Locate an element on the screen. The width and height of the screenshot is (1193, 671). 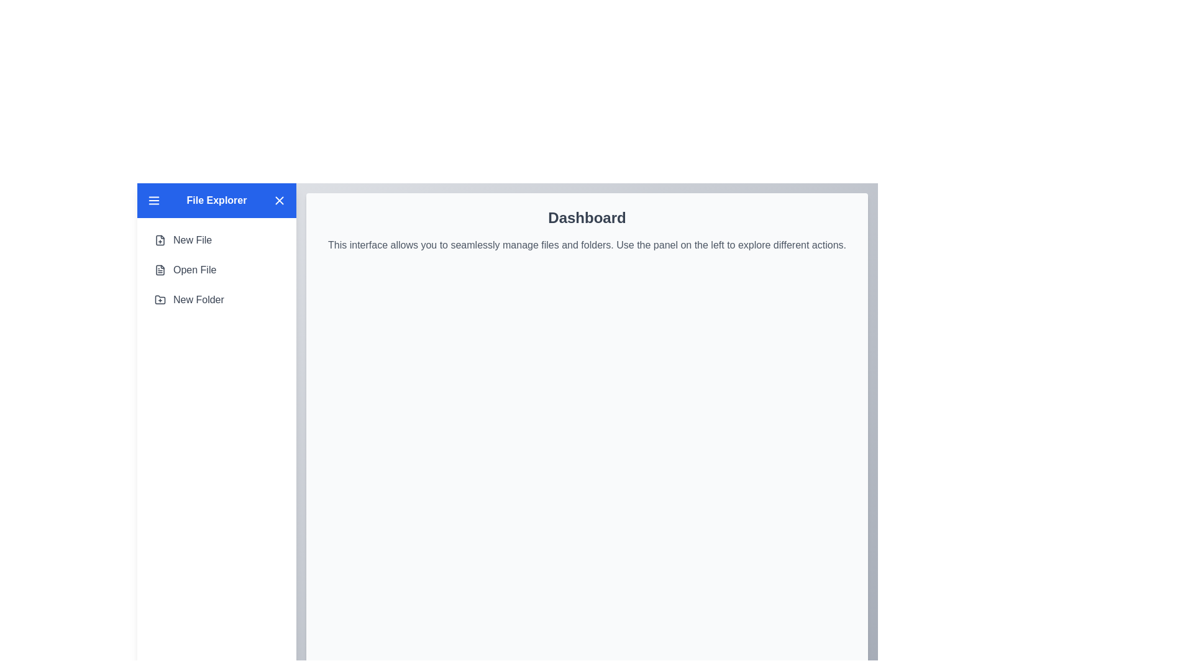
the 'New File' icon in the sidebar menu is located at coordinates (160, 240).